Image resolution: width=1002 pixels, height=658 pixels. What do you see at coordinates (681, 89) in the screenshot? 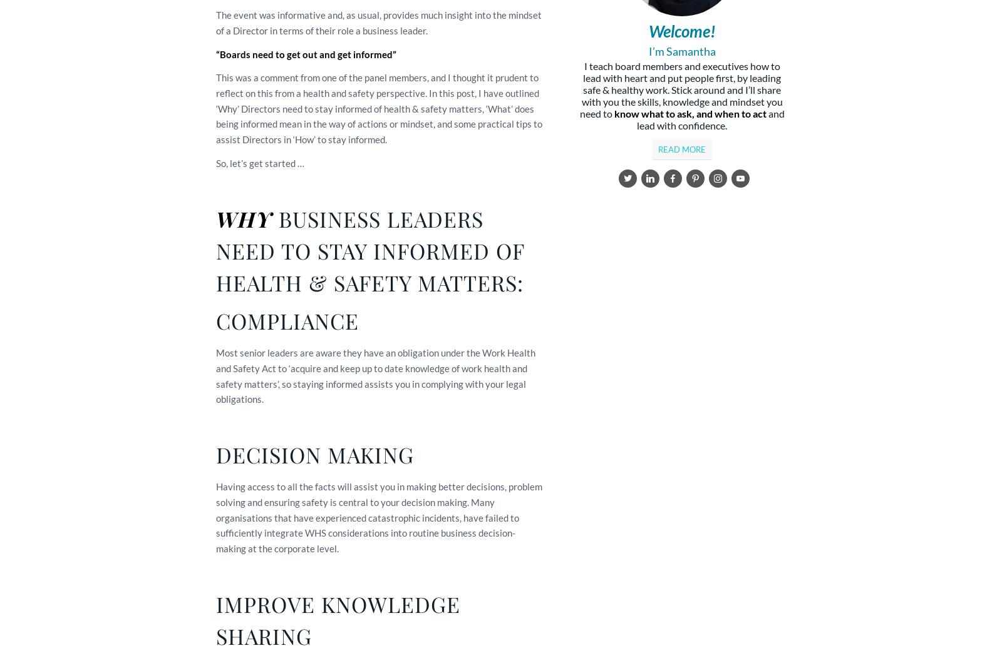
I see `'I teach board members and executives how to lead with heart and put people first, by leading safe & healthy work. Stick around and I’ll share with you the skills, knowledge and mindset you need to'` at bounding box center [681, 89].